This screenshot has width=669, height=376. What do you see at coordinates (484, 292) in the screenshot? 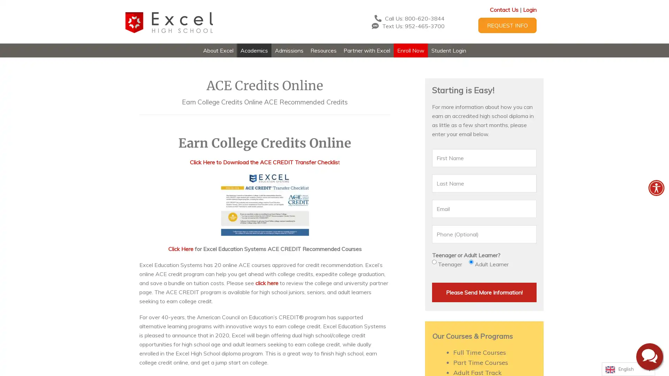
I see `Please Send More Information!` at bounding box center [484, 292].